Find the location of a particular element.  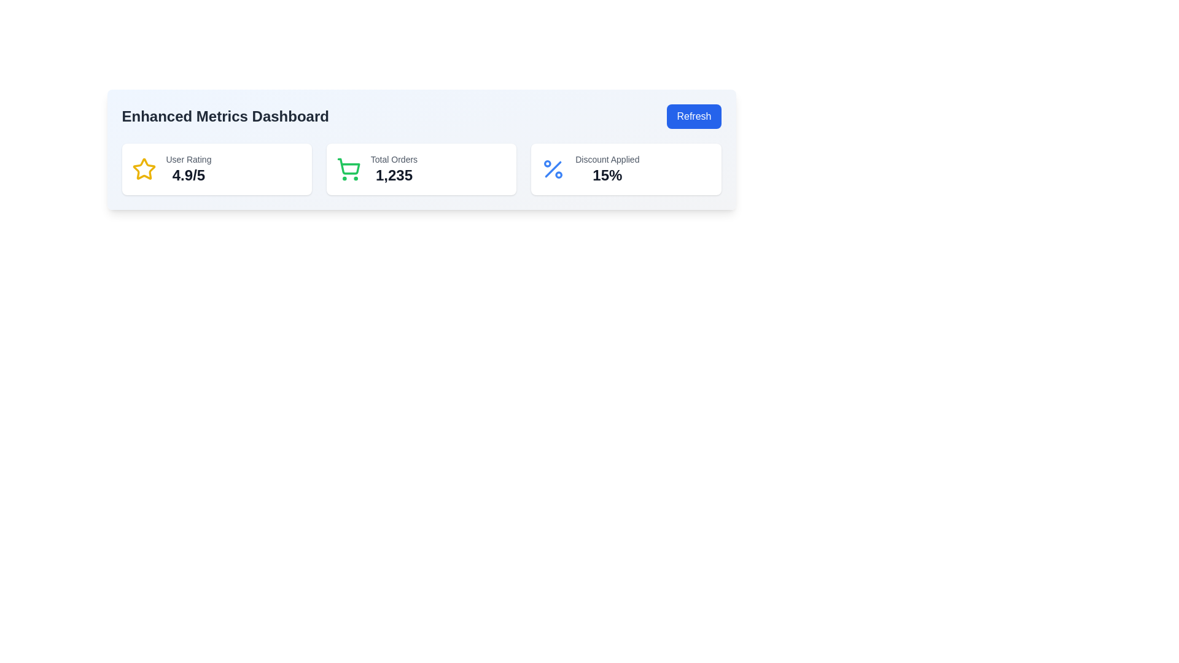

the informational text block displaying the total number of orders, which is centrally positioned in the statistics cards layout and located to the right of the green shopping cart icon is located at coordinates (394, 169).